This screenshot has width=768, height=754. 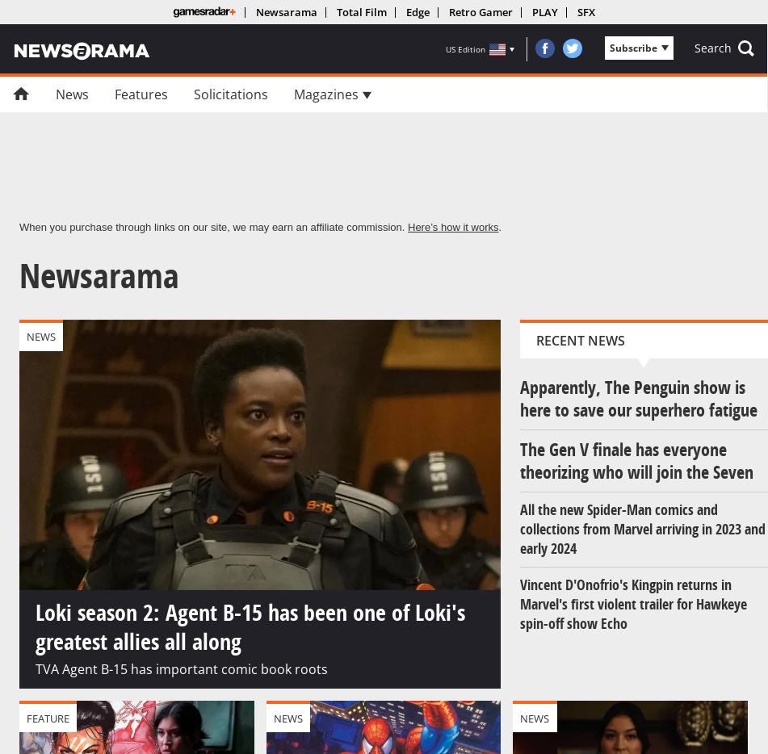 I want to click on 'Search', so click(x=693, y=48).